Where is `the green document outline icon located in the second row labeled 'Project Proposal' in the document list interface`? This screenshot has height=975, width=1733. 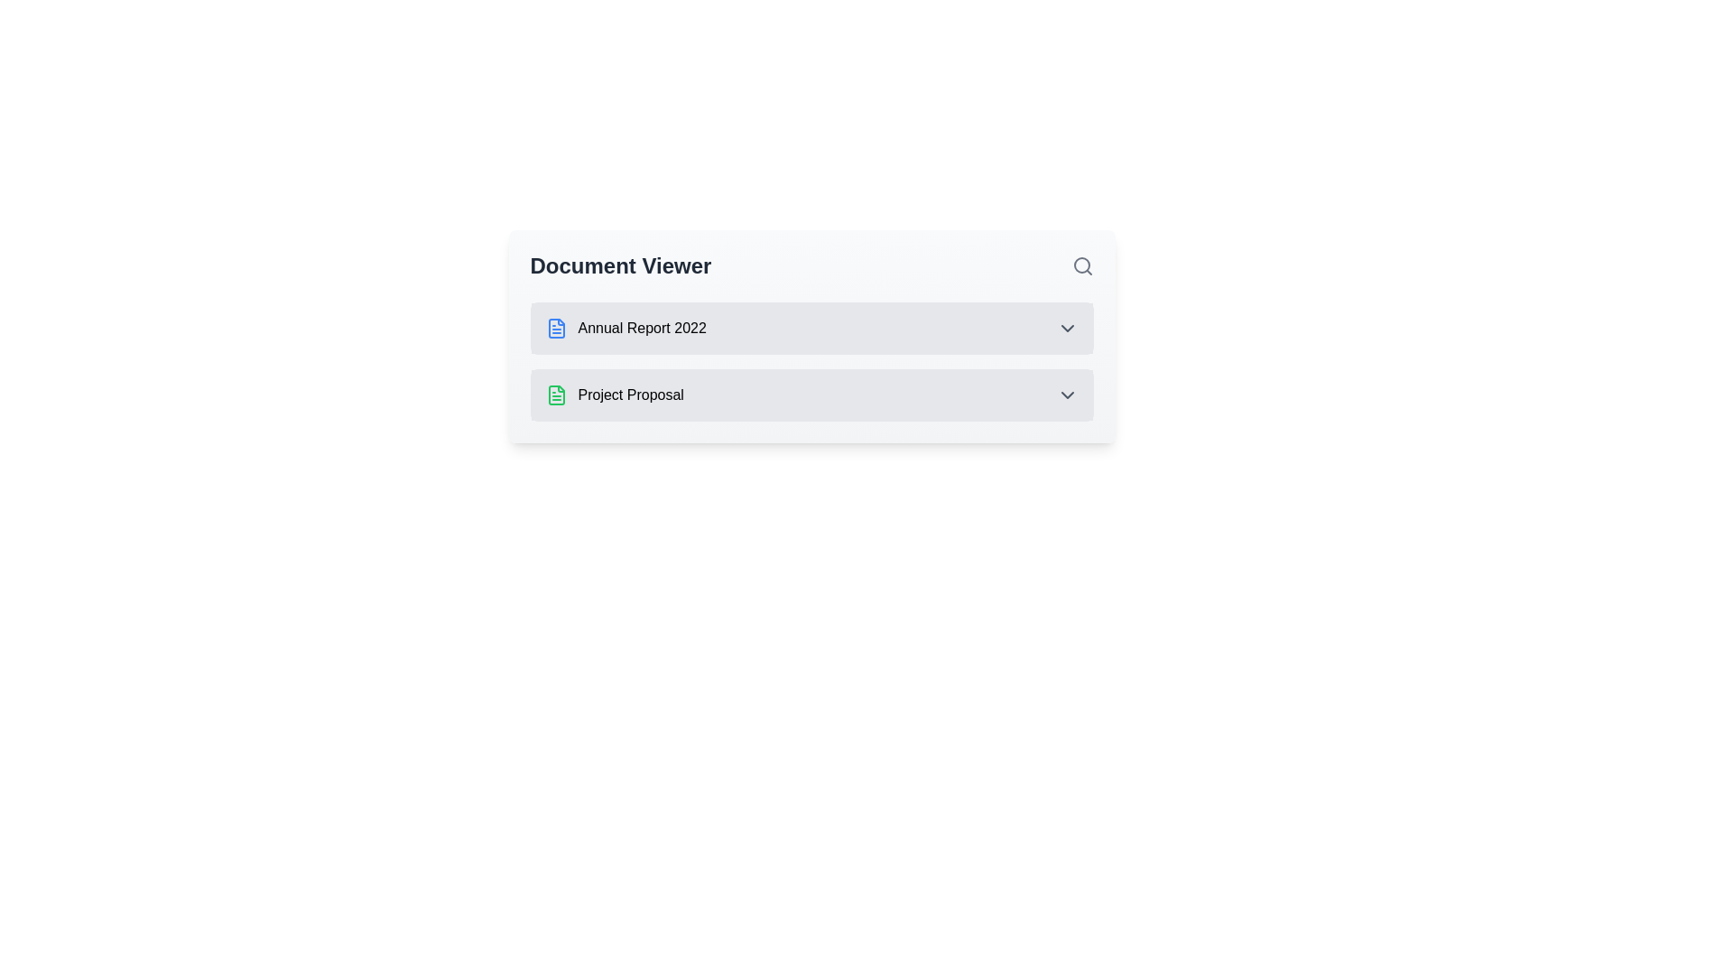
the green document outline icon located in the second row labeled 'Project Proposal' in the document list interface is located at coordinates (555, 395).